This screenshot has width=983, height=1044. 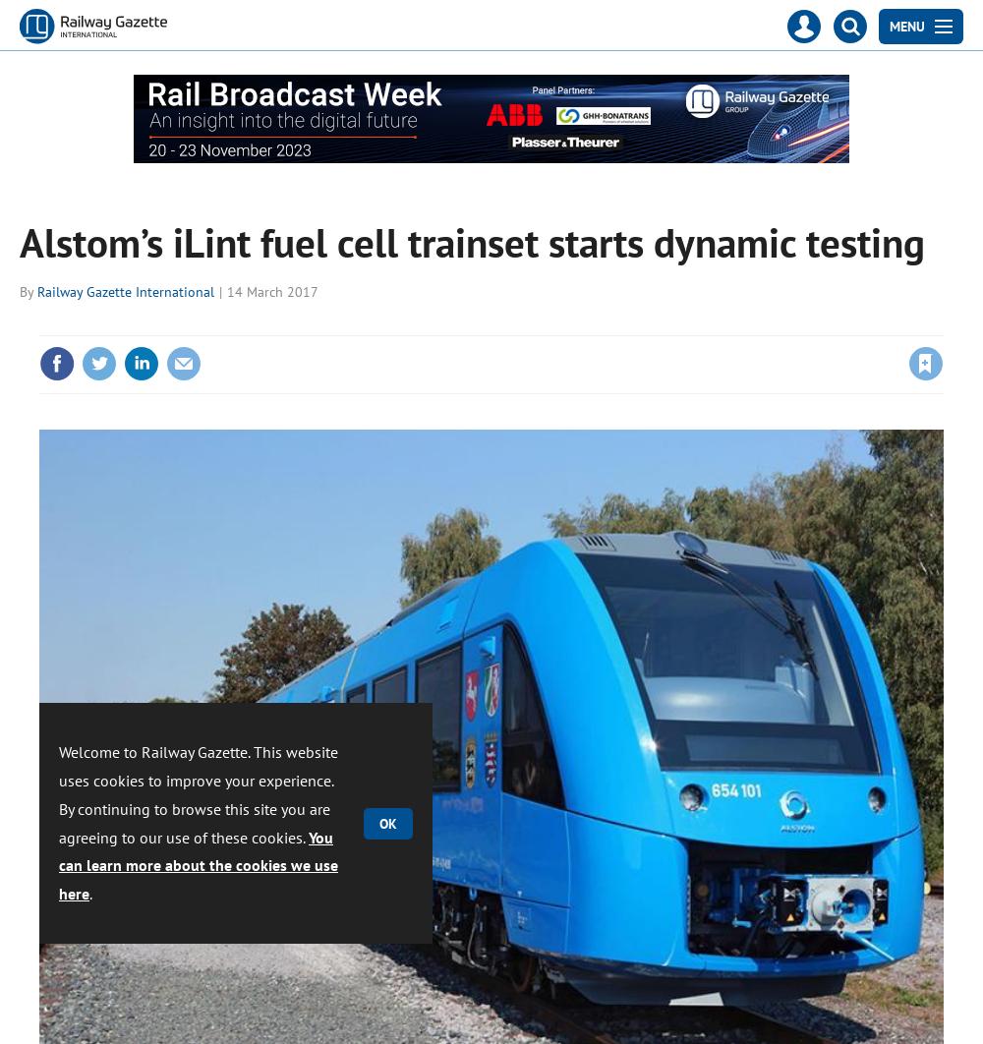 What do you see at coordinates (226, 289) in the screenshot?
I see `'14 March 2017'` at bounding box center [226, 289].